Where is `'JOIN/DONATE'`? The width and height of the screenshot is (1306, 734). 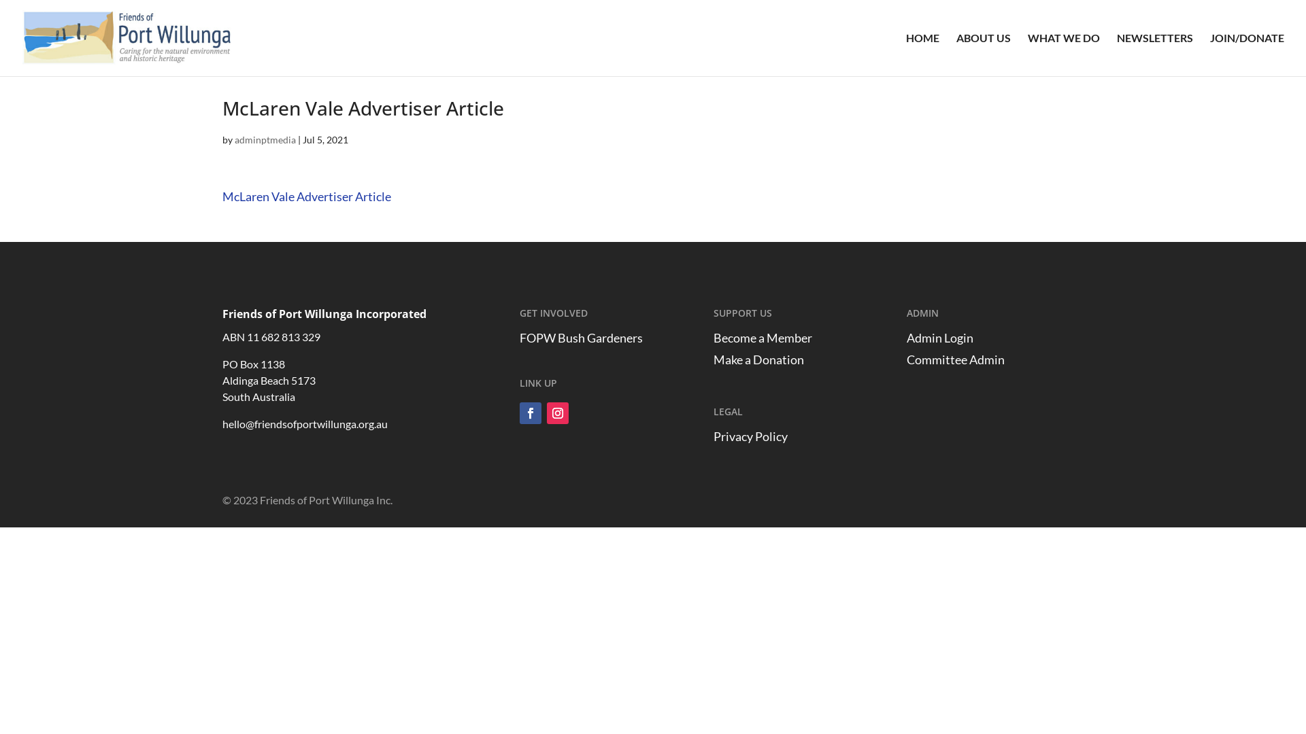
'JOIN/DONATE' is located at coordinates (1247, 54).